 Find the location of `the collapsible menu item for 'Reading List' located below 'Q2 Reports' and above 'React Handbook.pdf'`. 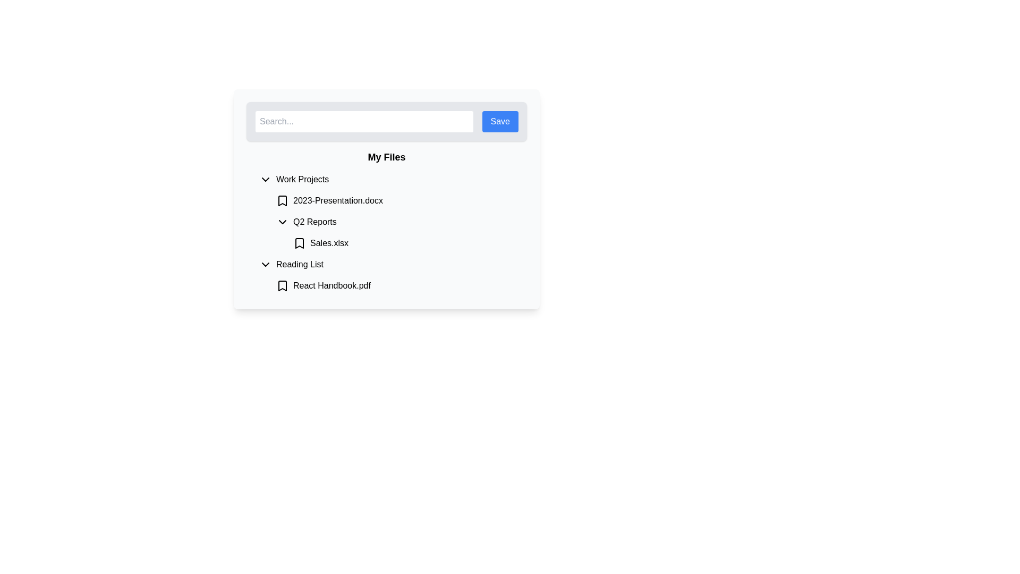

the collapsible menu item for 'Reading List' located below 'Q2 Reports' and above 'React Handbook.pdf' is located at coordinates (390, 264).